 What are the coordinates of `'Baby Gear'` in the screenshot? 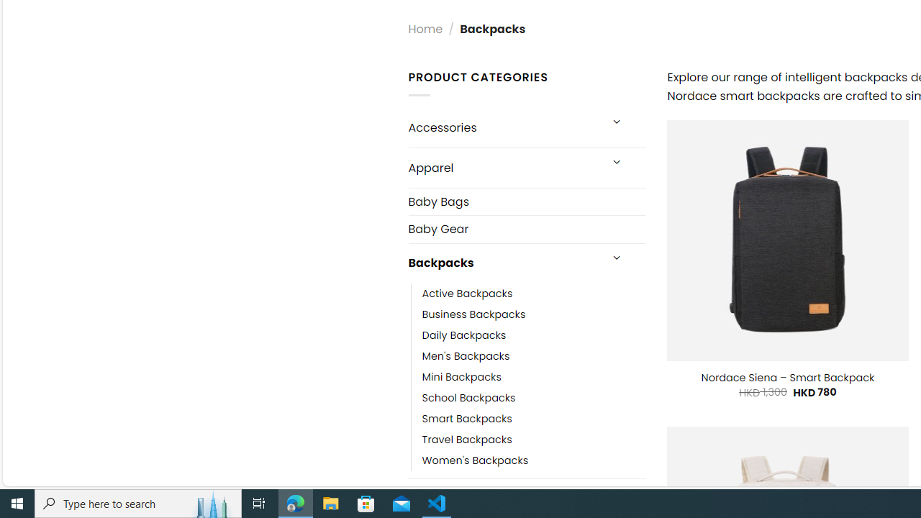 It's located at (526, 228).